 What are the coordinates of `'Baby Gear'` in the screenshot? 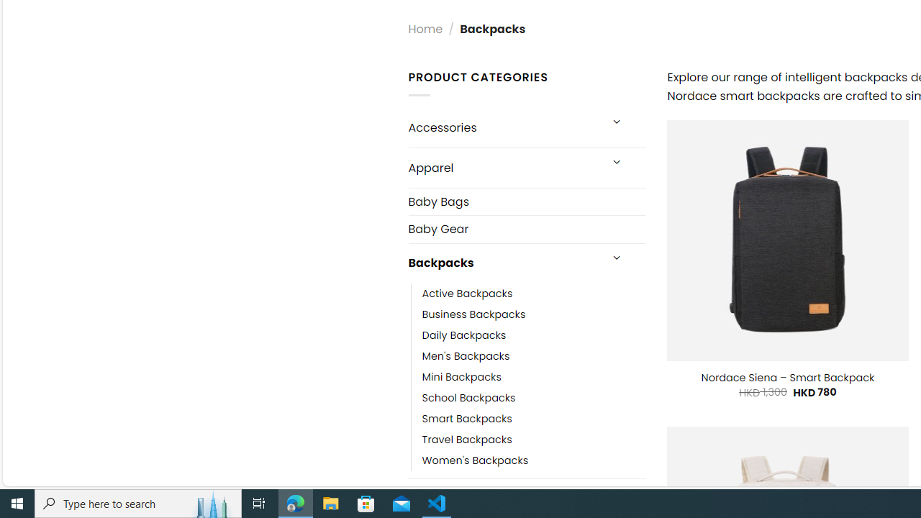 It's located at (526, 228).